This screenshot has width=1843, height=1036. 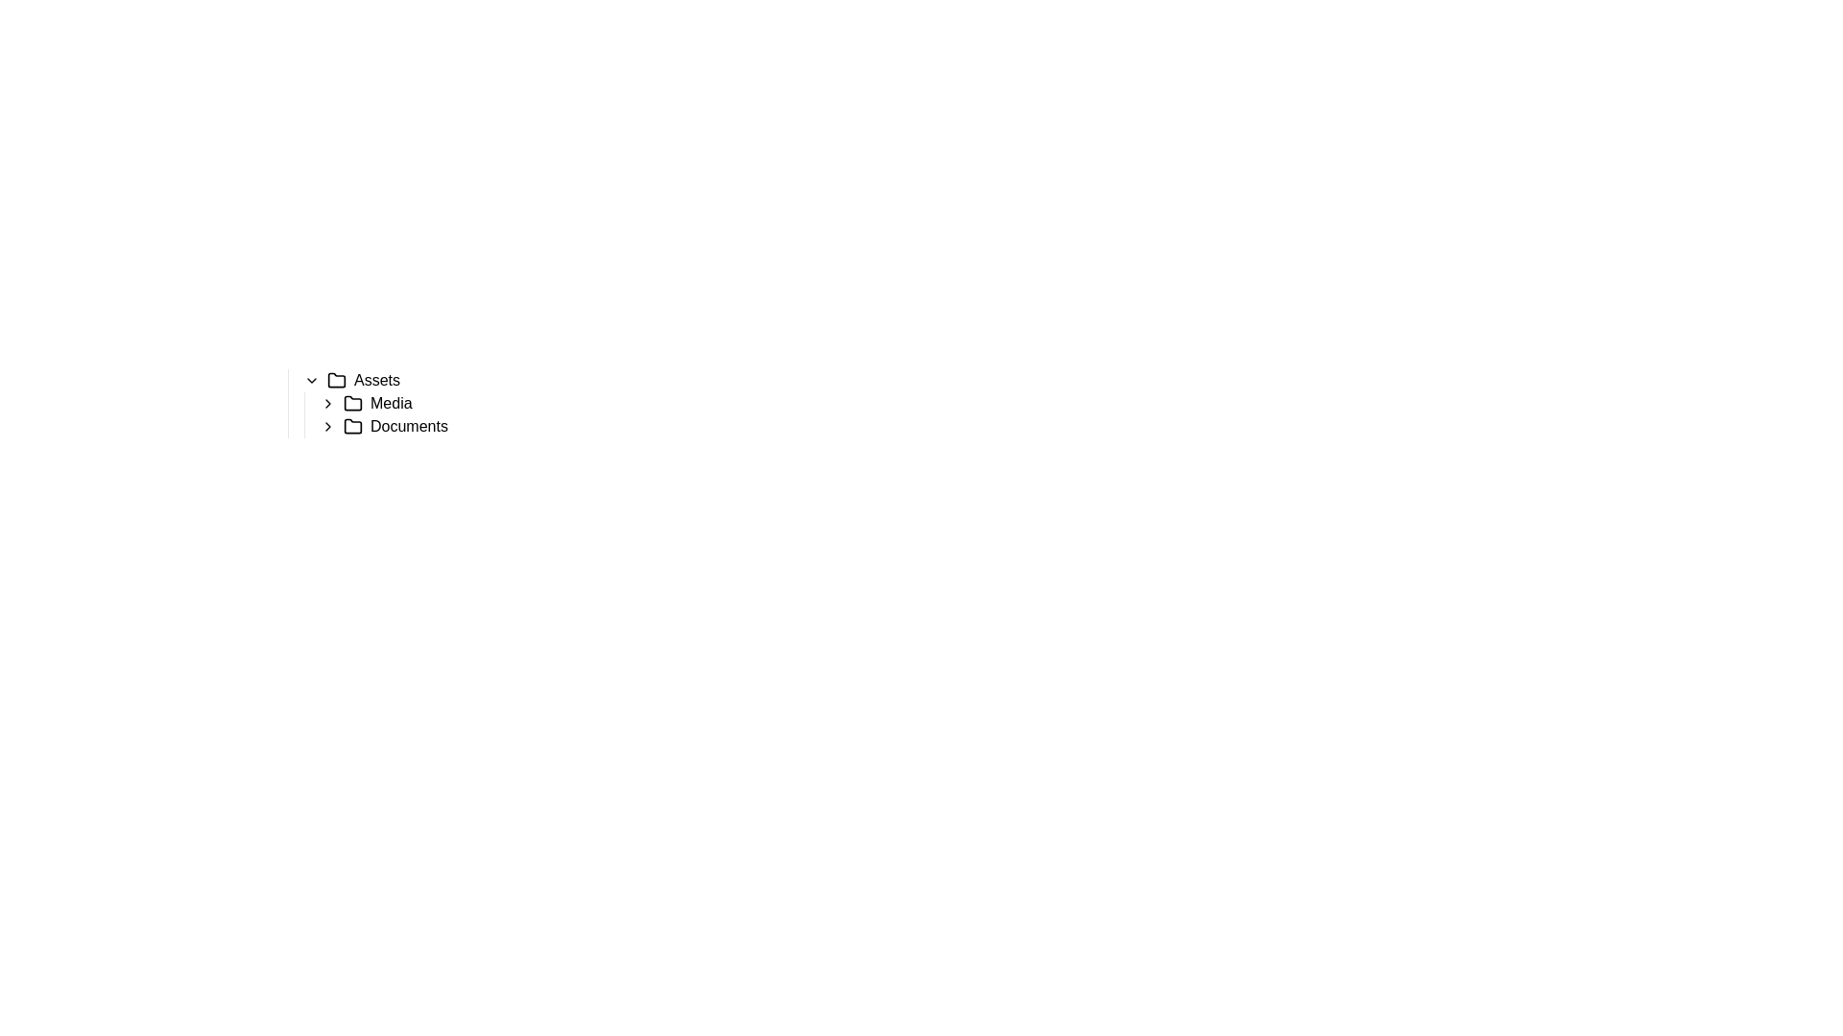 I want to click on the 'Assets' text label, so click(x=377, y=381).